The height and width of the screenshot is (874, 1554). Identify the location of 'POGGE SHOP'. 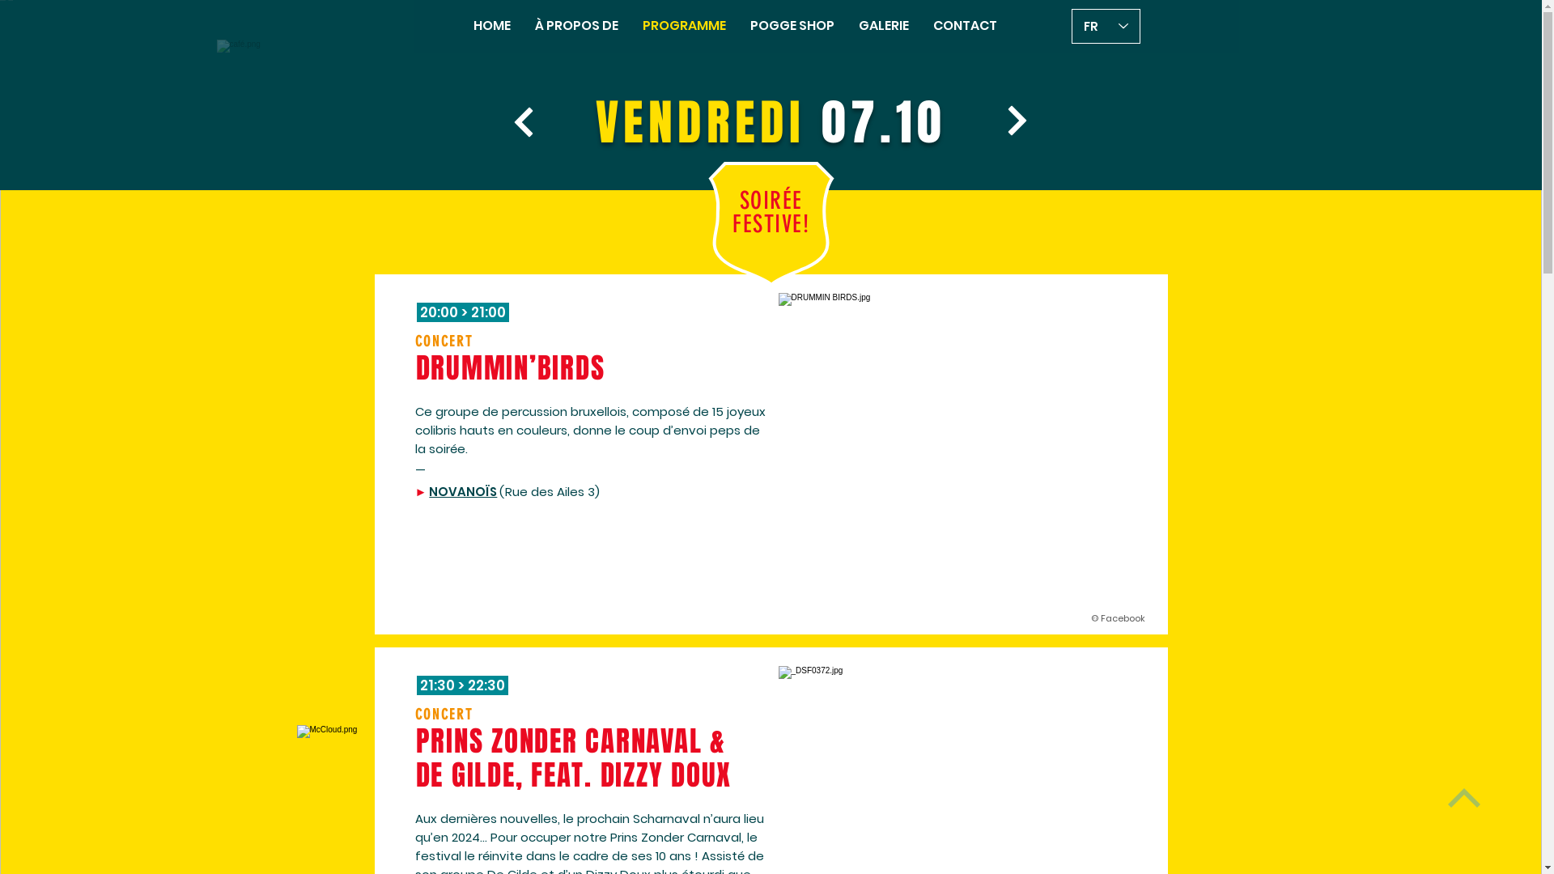
(737, 25).